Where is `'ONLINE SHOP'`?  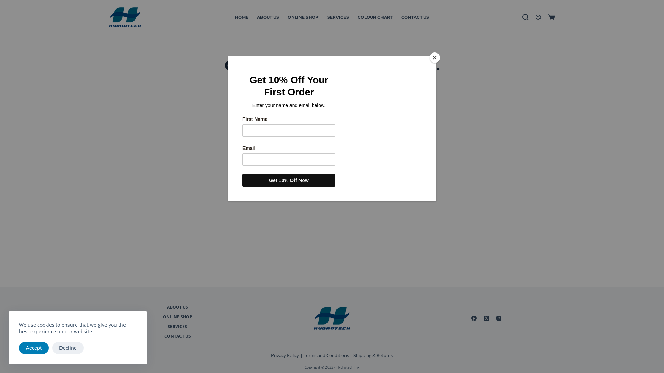
'ONLINE SHOP' is located at coordinates (284, 17).